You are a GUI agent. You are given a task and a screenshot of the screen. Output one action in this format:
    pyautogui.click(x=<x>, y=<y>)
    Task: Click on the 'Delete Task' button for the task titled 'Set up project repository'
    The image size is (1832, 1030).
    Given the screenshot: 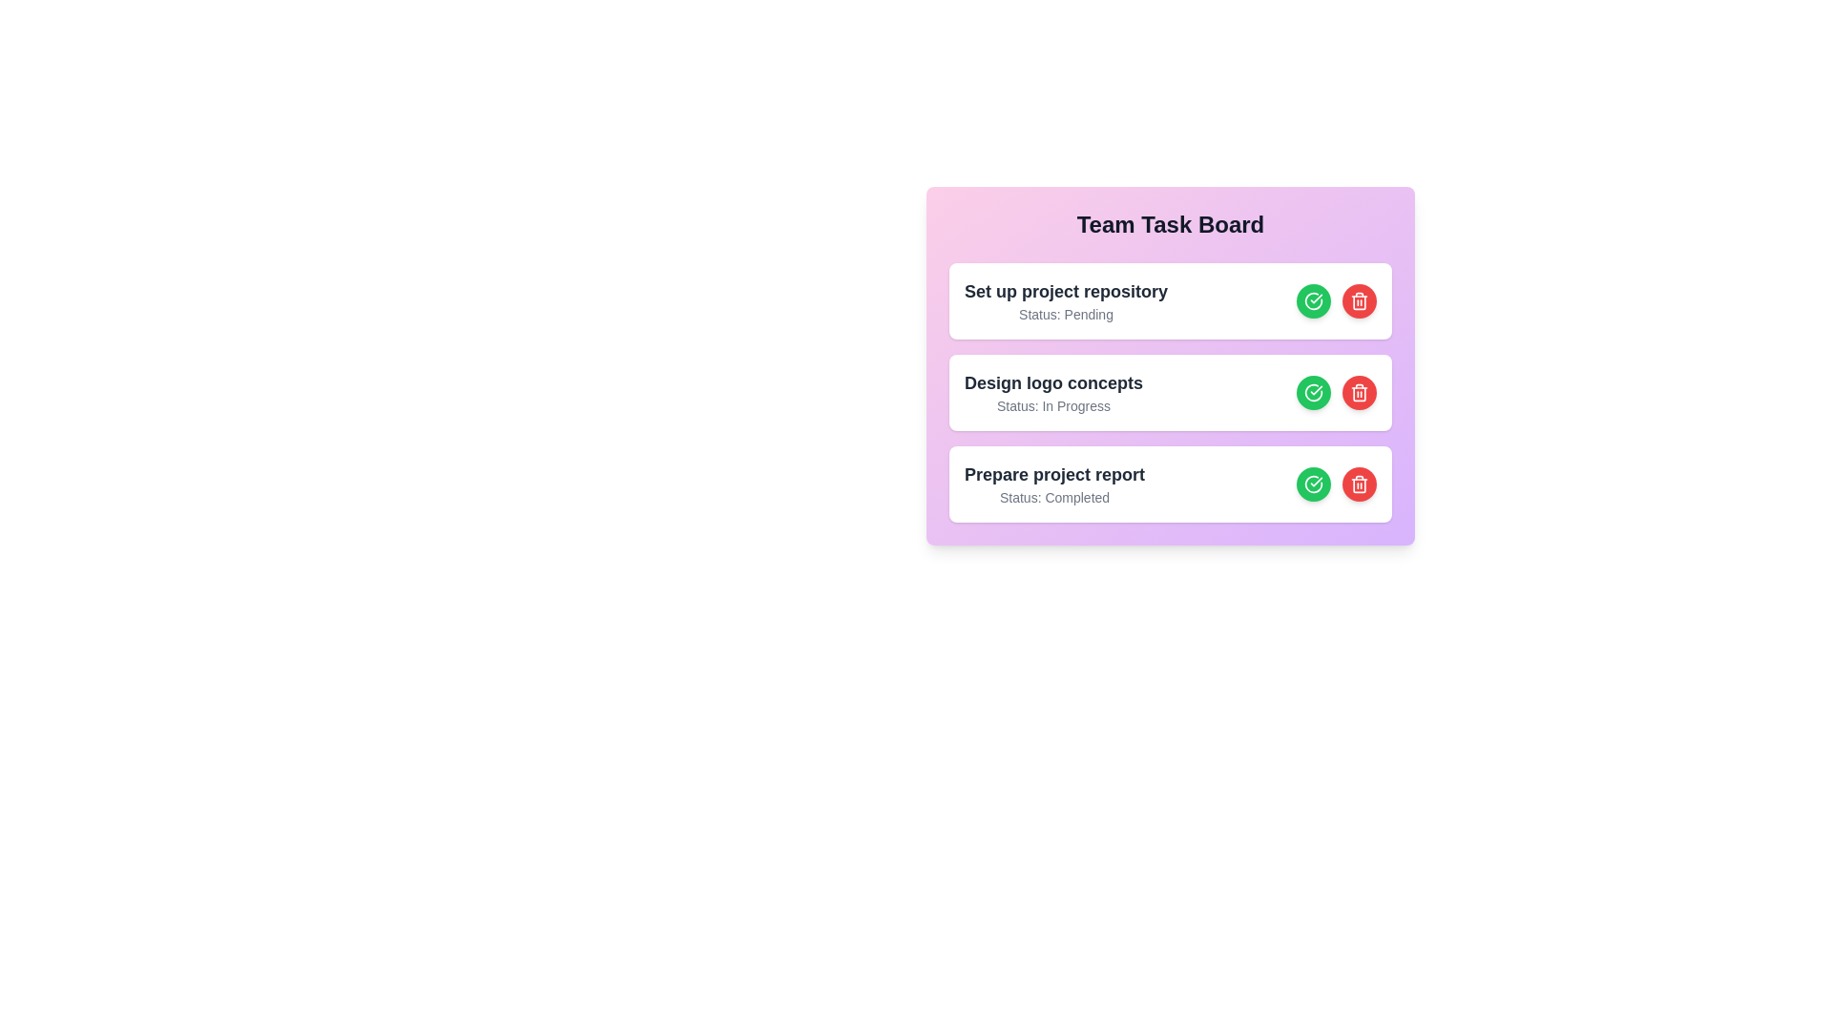 What is the action you would take?
    pyautogui.click(x=1359, y=300)
    